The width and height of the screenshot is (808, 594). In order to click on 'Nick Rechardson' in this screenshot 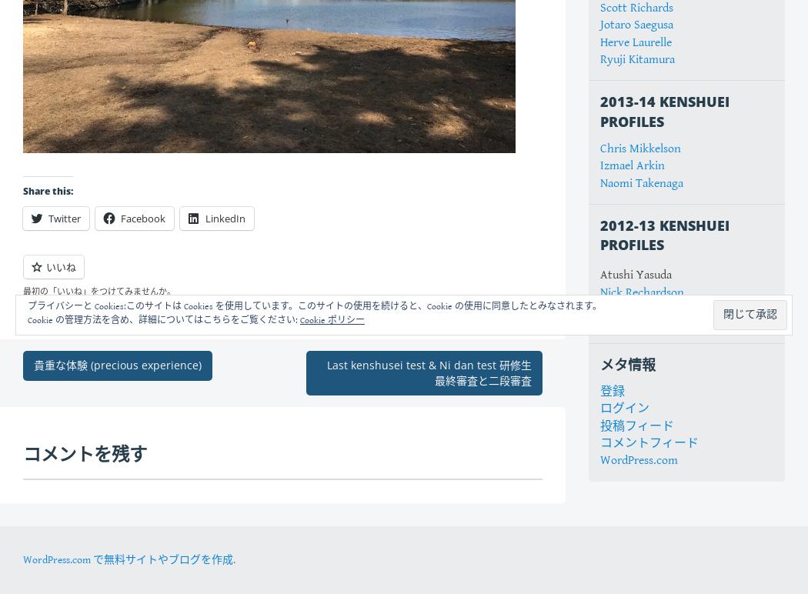, I will do `click(642, 291)`.